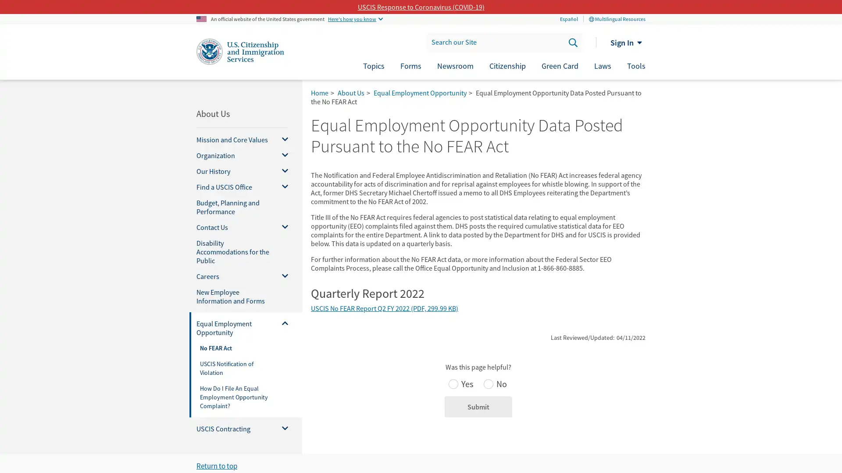  Describe the element at coordinates (282, 428) in the screenshot. I see `Toggle menu for USCIS Contracting` at that location.